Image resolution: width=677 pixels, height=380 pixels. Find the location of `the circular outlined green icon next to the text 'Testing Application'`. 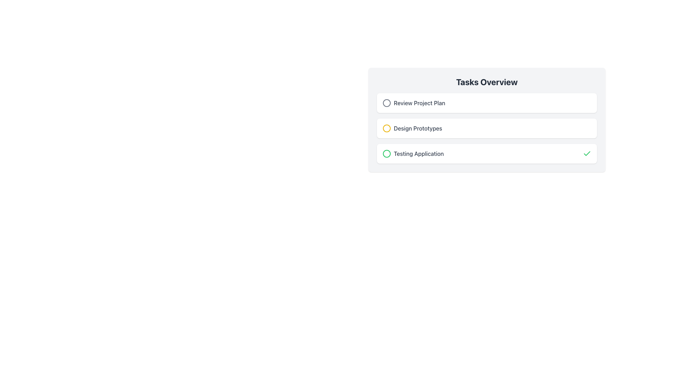

the circular outlined green icon next to the text 'Testing Application' is located at coordinates (386, 153).